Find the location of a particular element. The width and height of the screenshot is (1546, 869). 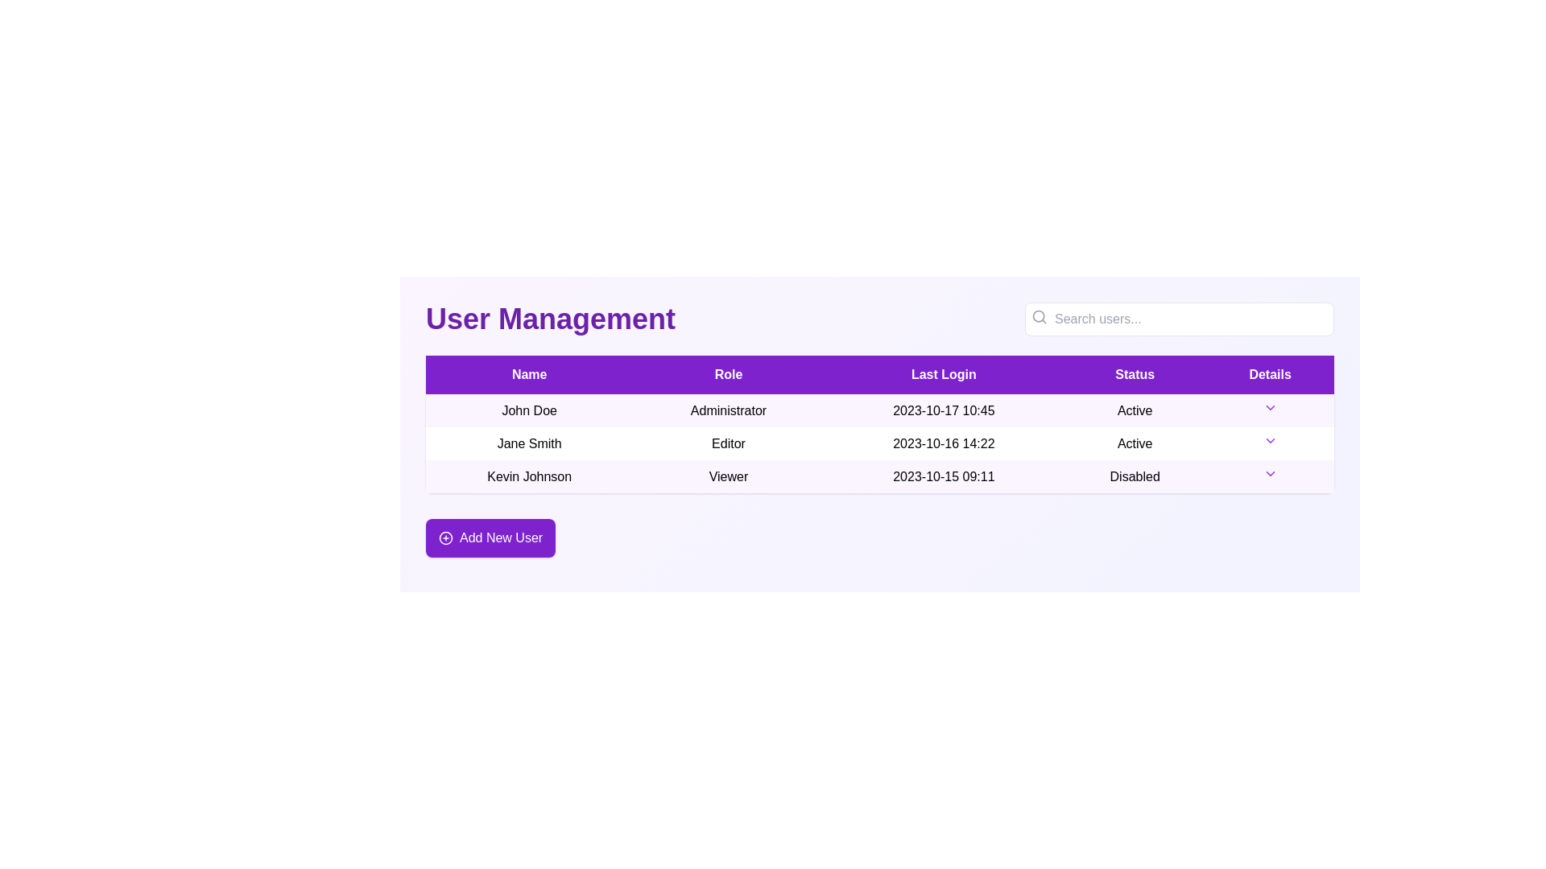

the small circular icon with a plus symbol within it, styled in white against a purple background, located within the button labeled 'Add New User' is located at coordinates (445, 537).